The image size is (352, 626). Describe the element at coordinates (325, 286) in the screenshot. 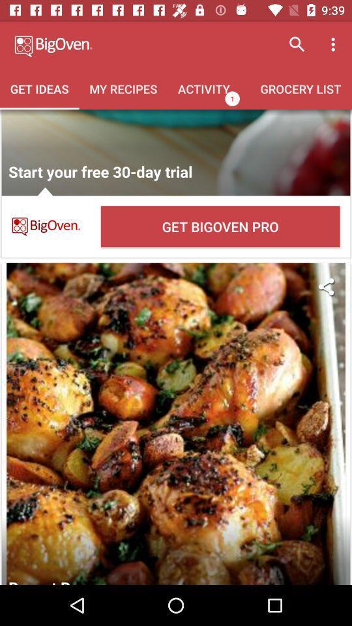

I see `share content` at that location.